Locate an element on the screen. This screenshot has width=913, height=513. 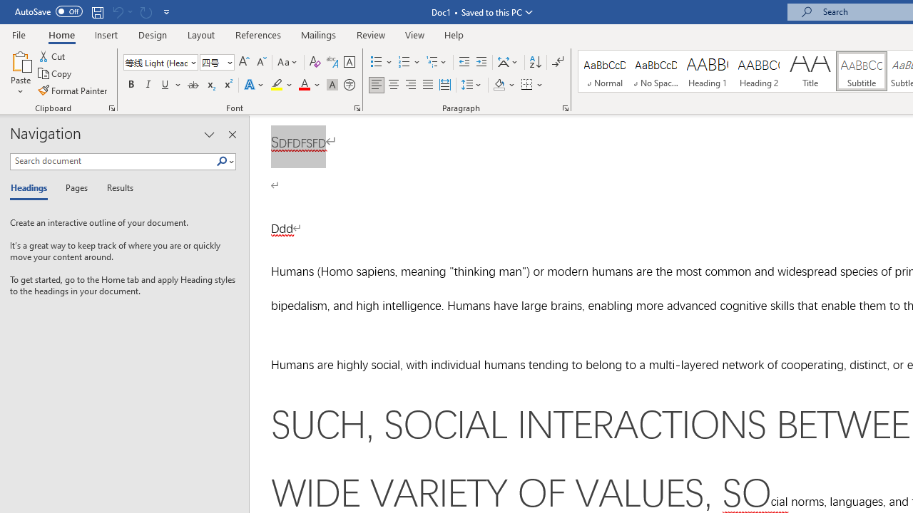
'Design' is located at coordinates (153, 34).